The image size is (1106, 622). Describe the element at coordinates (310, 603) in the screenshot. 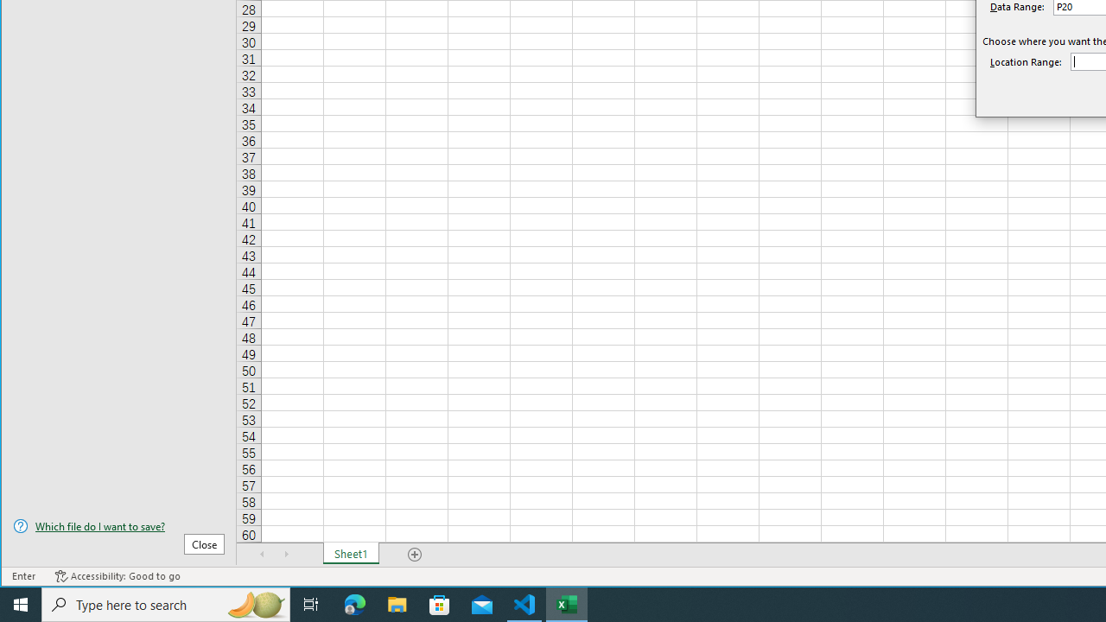

I see `'Task View'` at that location.